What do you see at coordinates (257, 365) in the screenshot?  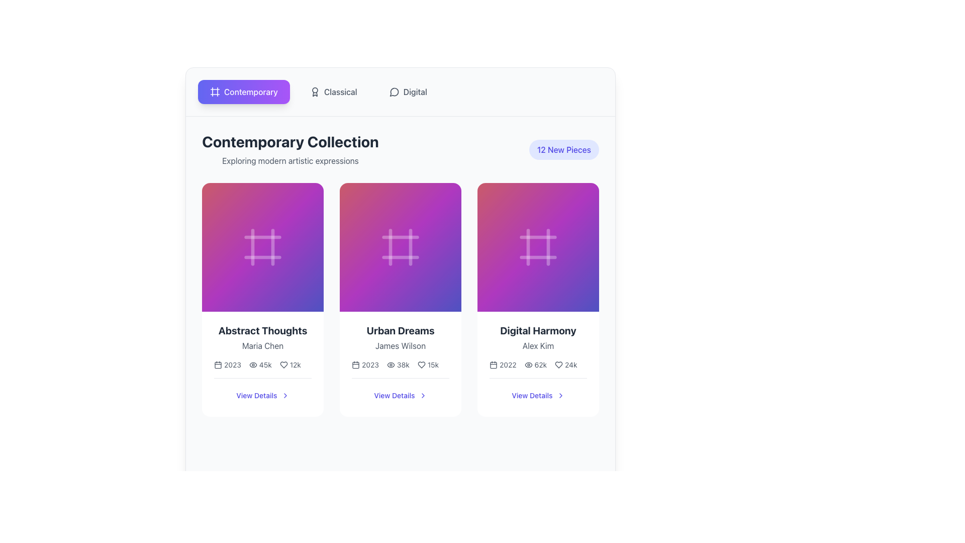 I see `the Metadata display group located at the lower part of the first card in the grid layout, which shows the publication year, view count, and like count` at bounding box center [257, 365].